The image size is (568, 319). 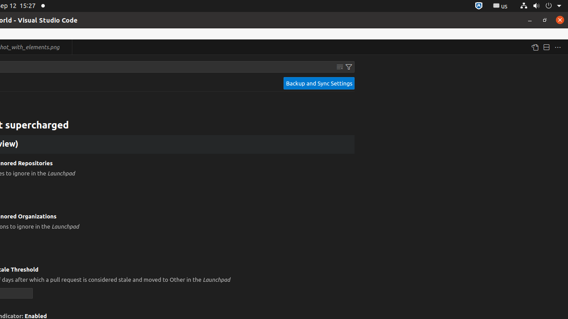 I want to click on 'Split Editor Right (Ctrl+\) [Alt] Split Editor Down', so click(x=545, y=47).